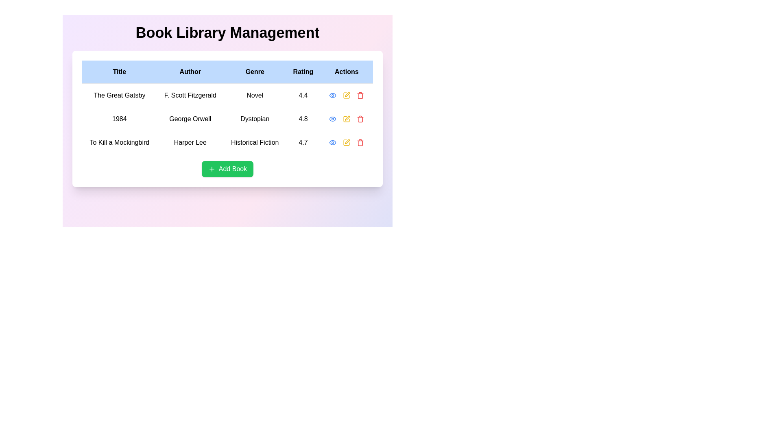 Image resolution: width=781 pixels, height=439 pixels. What do you see at coordinates (303, 72) in the screenshot?
I see `the 'Rating' label which has a light blue background and bold black text, positioned as the fourth header in the table, between 'Genre' and 'Actions'` at bounding box center [303, 72].